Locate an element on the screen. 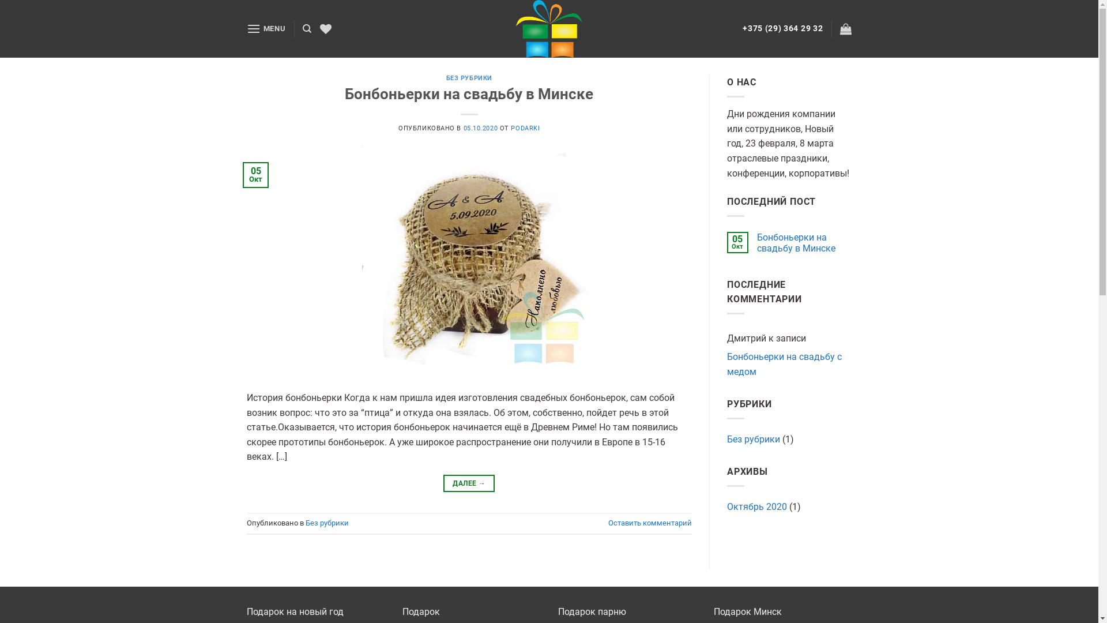  'MENU' is located at coordinates (265, 28).